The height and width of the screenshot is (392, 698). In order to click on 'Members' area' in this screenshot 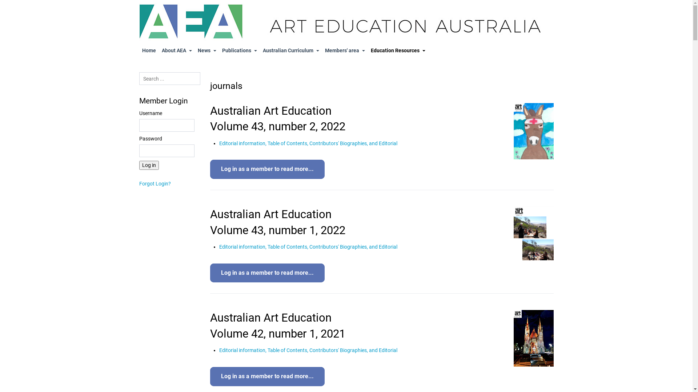, I will do `click(345, 50)`.